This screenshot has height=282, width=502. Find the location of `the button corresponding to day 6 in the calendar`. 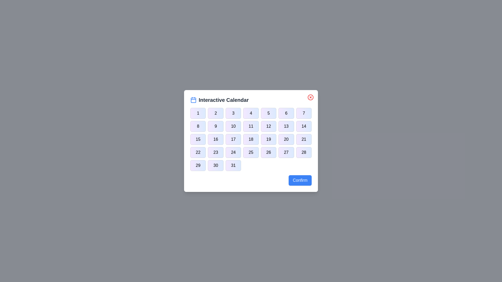

the button corresponding to day 6 in the calendar is located at coordinates (286, 113).